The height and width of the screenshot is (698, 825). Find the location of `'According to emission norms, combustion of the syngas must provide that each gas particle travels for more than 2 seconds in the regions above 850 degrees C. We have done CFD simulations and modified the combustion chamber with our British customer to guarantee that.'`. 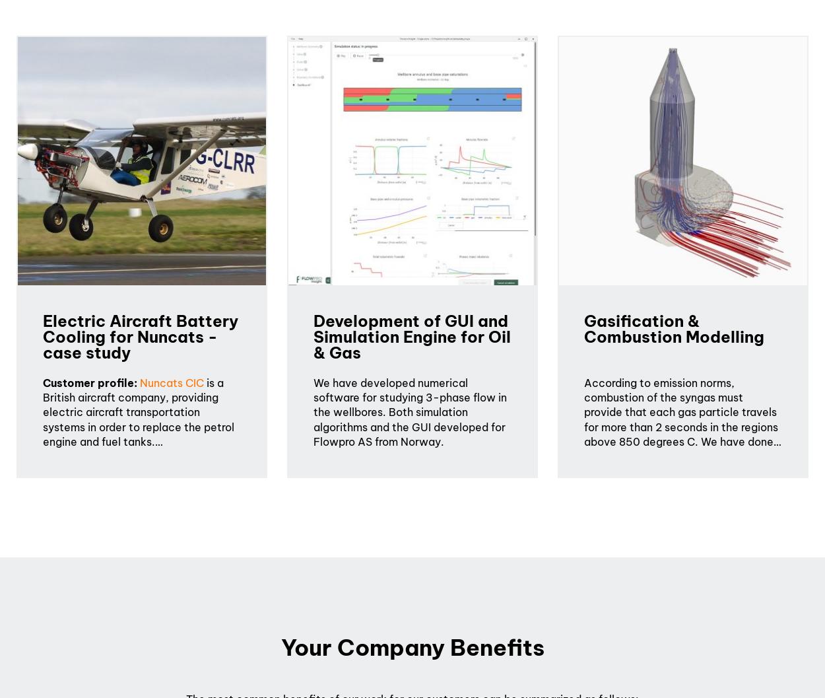

'According to emission norms, combustion of the syngas must provide that each gas particle travels for more than 2 seconds in the regions above 850 degrees C. We have done CFD simulations and modified the combustion chamber with our British customer to guarantee that.' is located at coordinates (681, 434).